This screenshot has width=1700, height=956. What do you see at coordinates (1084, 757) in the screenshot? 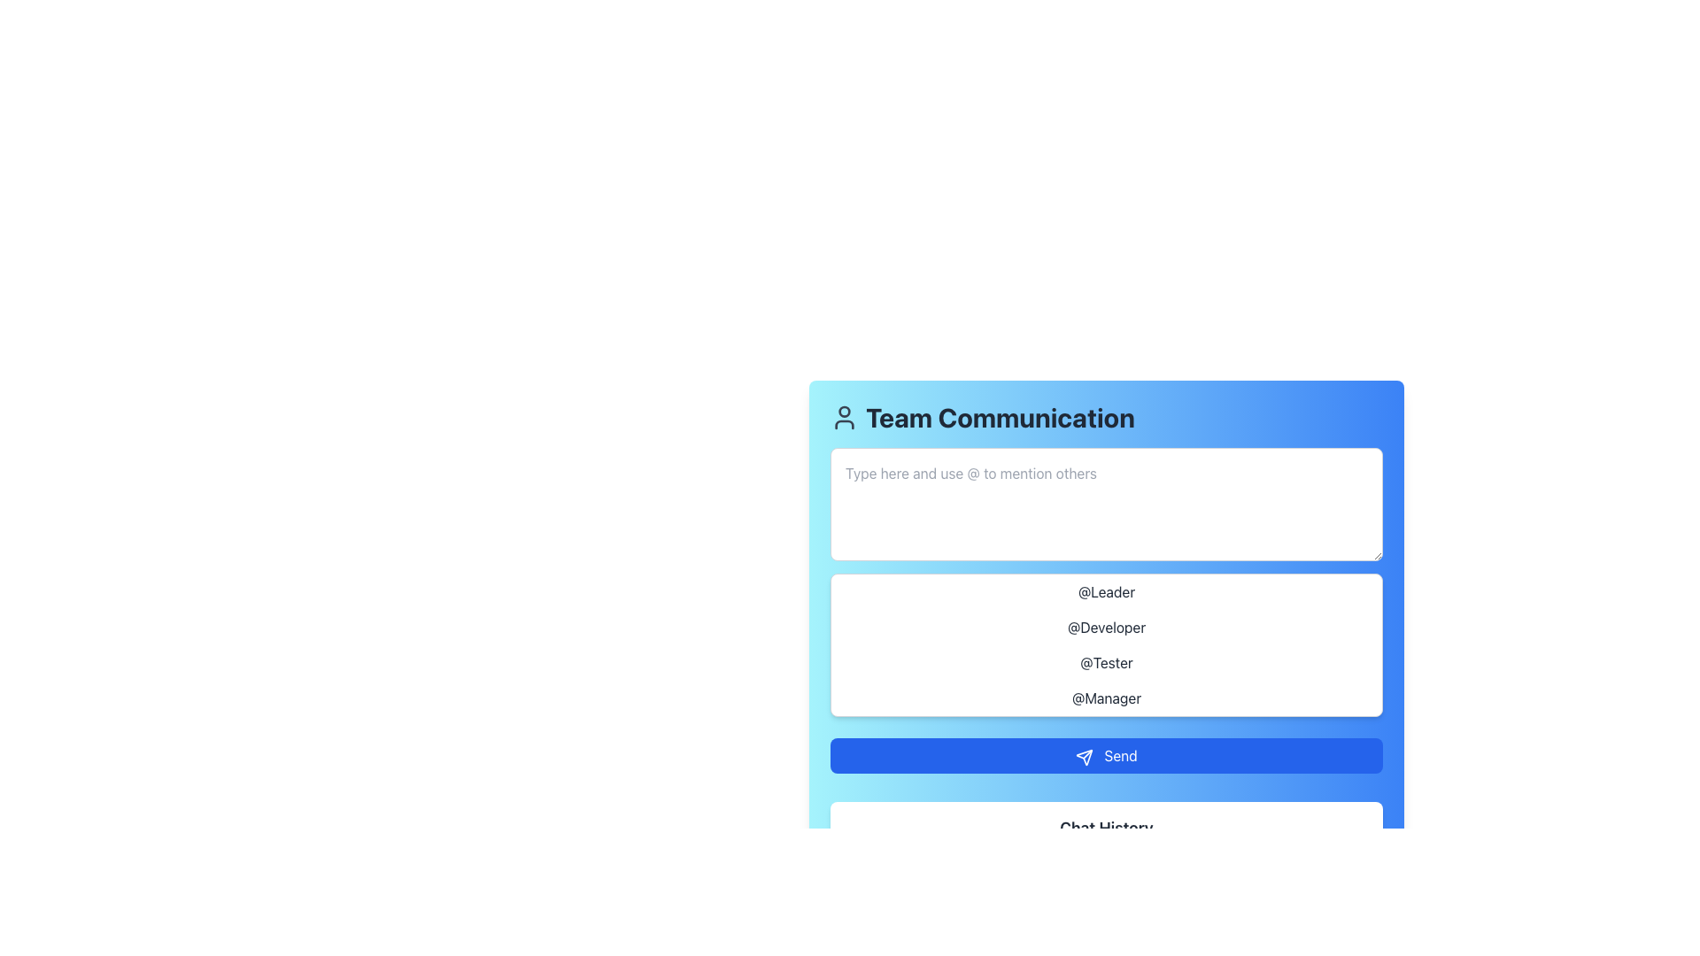
I see `the paper plane icon within the 'Send' button located at the bottom of the communication panel` at bounding box center [1084, 757].